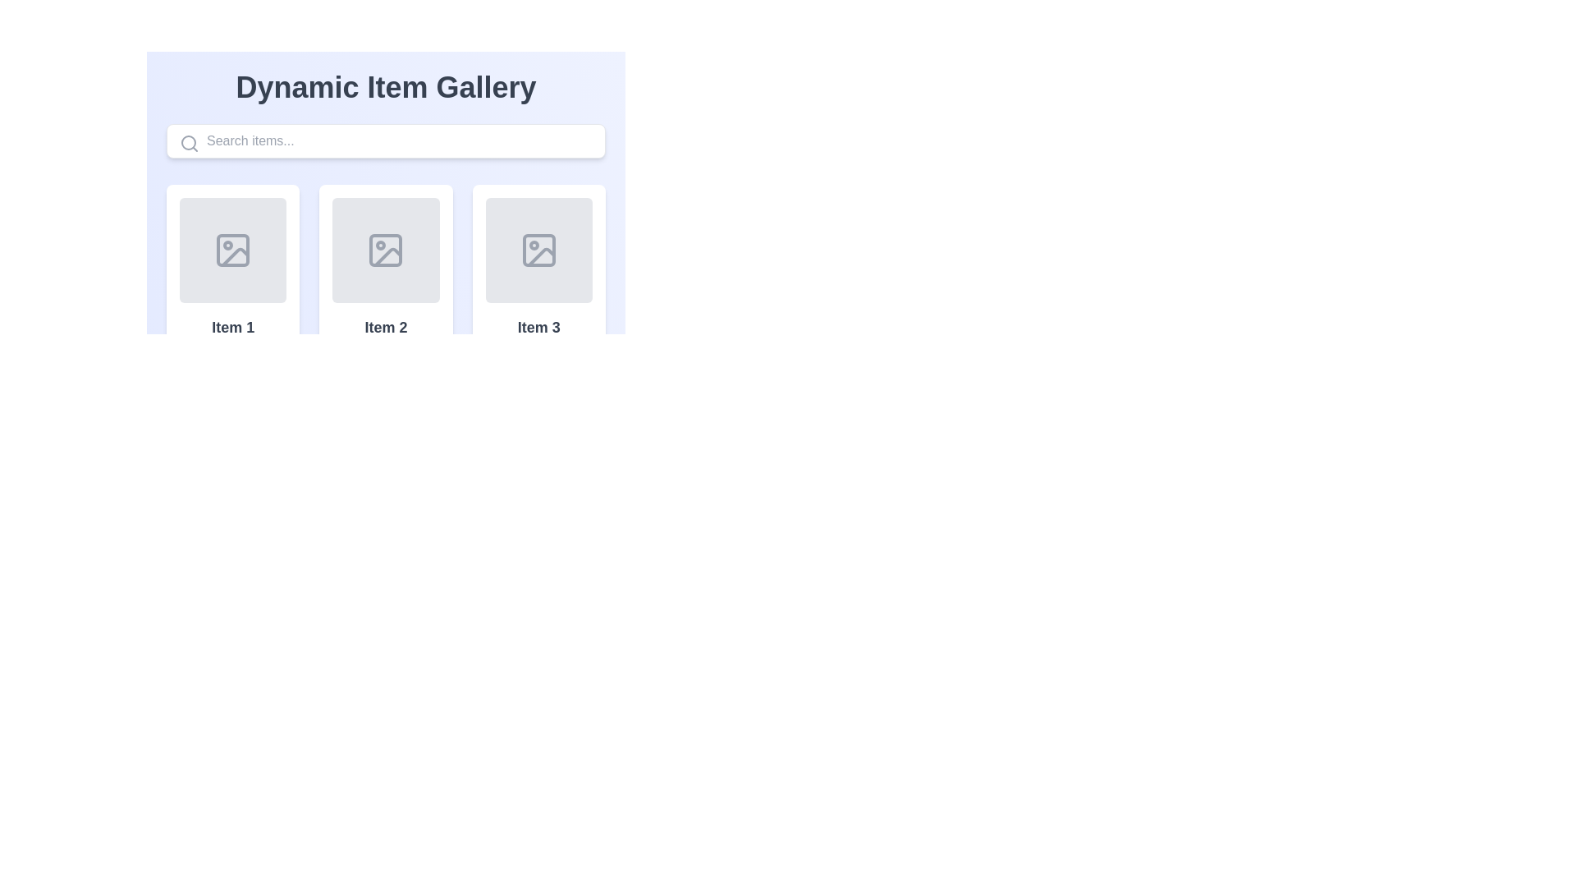 The height and width of the screenshot is (887, 1576). Describe the element at coordinates (538, 327) in the screenshot. I see `the text label displaying 'Item 3' in a bold, dark gray font, located in the lower part of the third item card` at that location.